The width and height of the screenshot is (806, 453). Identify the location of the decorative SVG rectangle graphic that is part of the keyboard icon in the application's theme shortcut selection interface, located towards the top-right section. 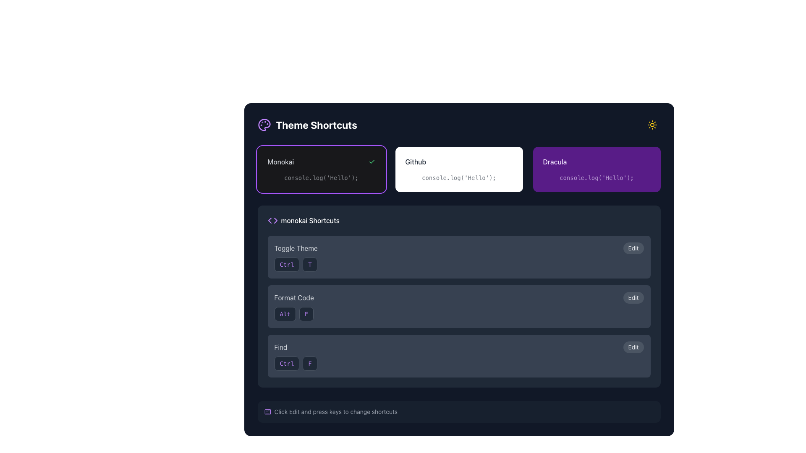
(267, 411).